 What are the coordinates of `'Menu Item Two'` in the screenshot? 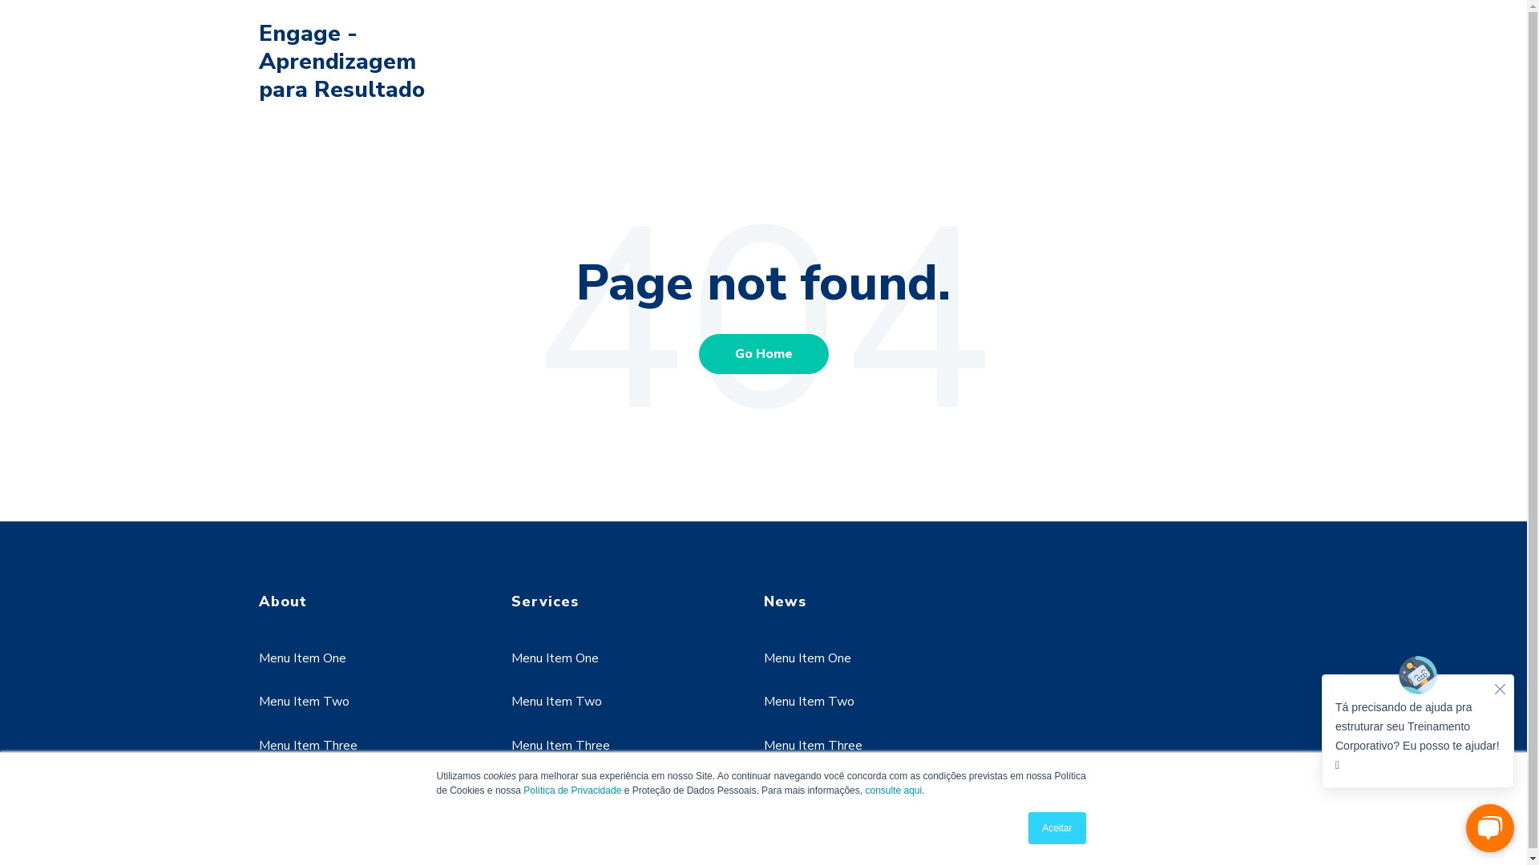 It's located at (511, 700).